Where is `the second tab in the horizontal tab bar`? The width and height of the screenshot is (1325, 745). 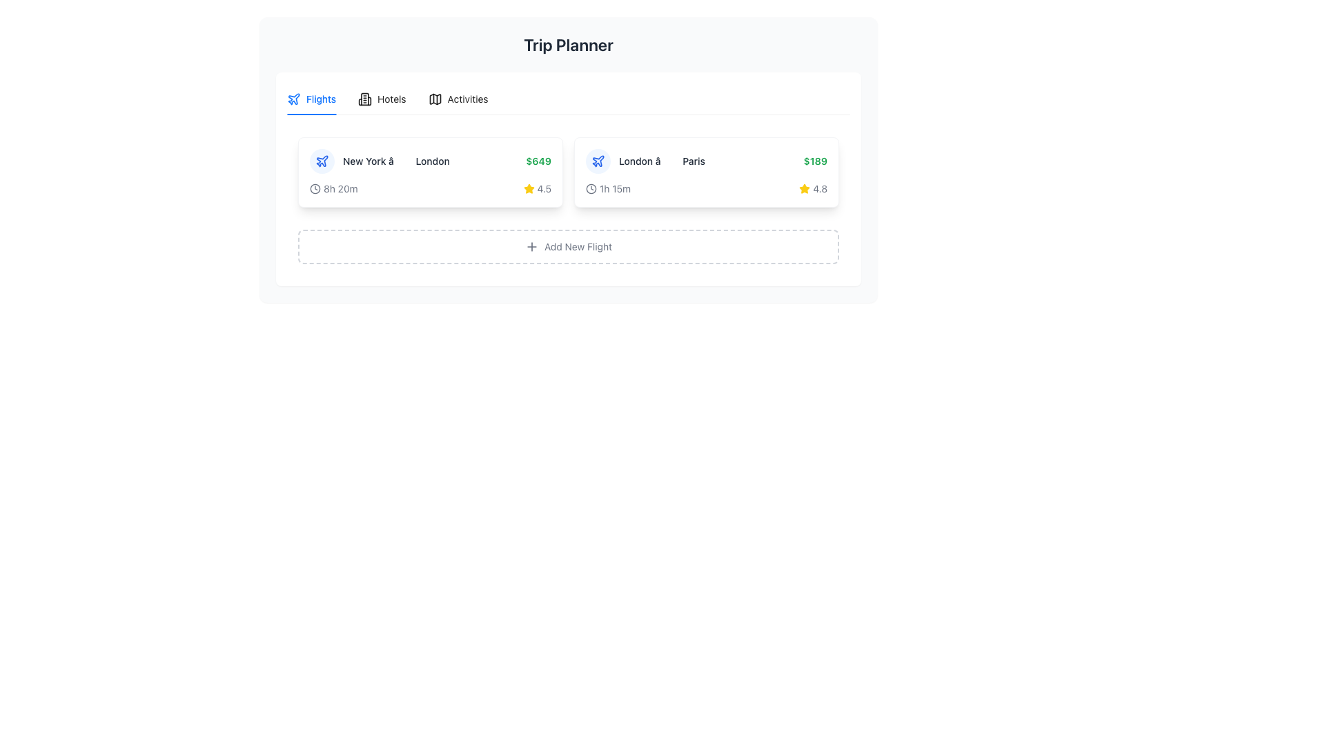
the second tab in the horizontal tab bar is located at coordinates (386, 98).